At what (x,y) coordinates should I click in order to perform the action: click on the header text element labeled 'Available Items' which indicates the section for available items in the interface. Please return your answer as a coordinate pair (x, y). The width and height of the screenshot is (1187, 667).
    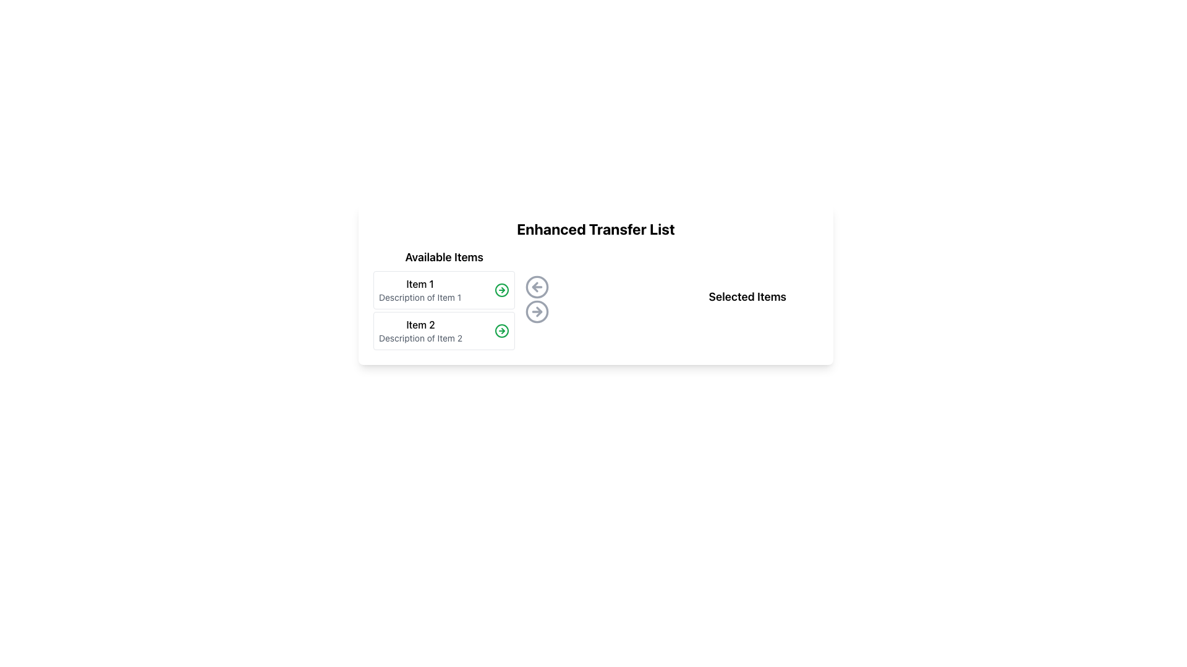
    Looking at the image, I should click on (444, 256).